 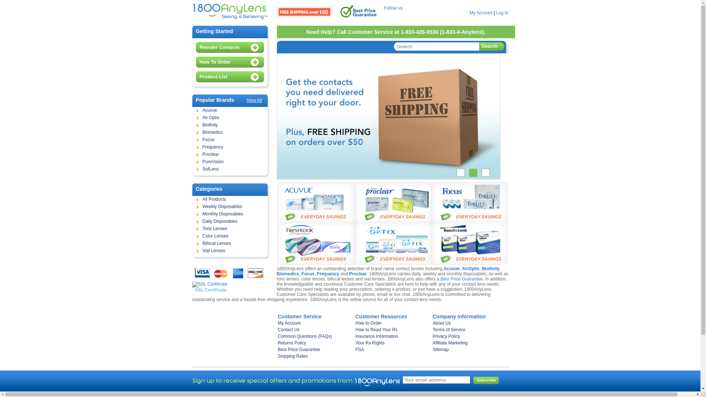 What do you see at coordinates (229, 169) in the screenshot?
I see `'SofLens'` at bounding box center [229, 169].